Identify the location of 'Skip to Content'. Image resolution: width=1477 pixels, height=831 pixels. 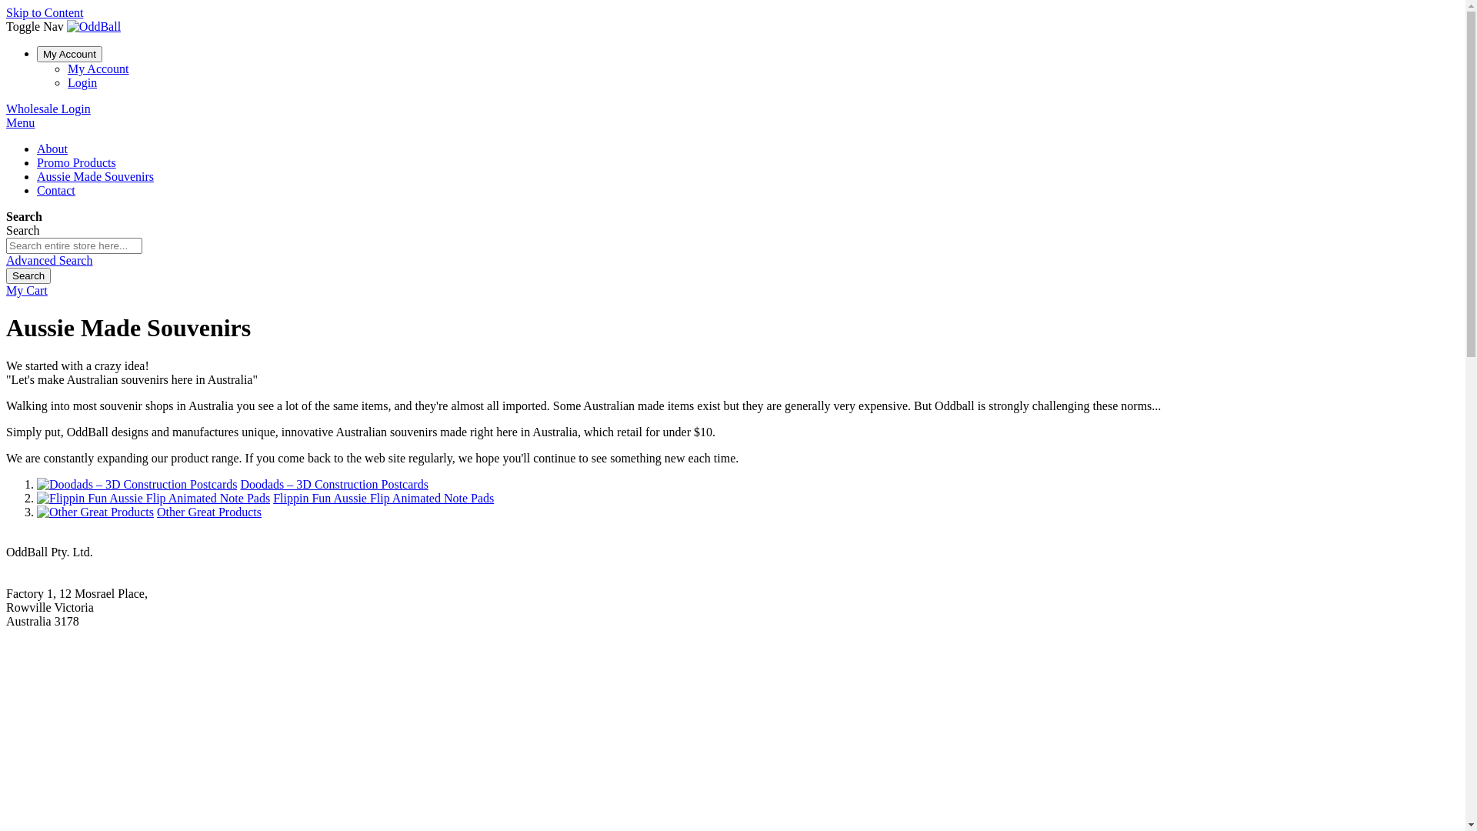
(44, 12).